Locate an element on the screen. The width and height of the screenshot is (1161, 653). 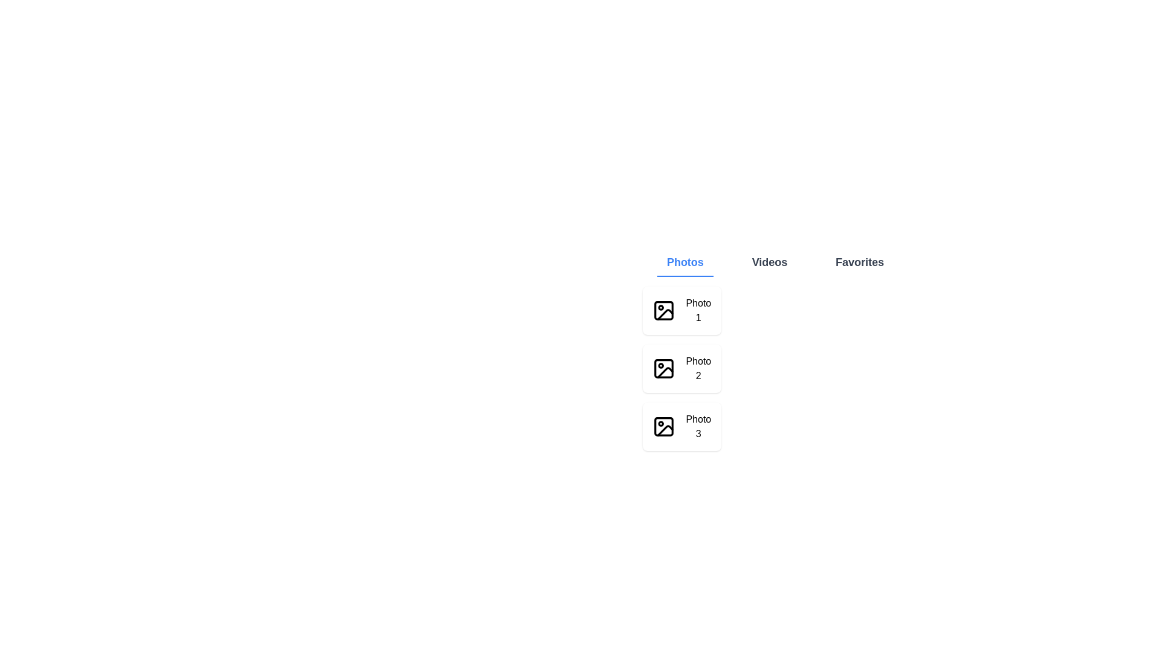
the first image thumbnail in the vertical list of photo elements under the 'Photos' tab is located at coordinates (663, 310).